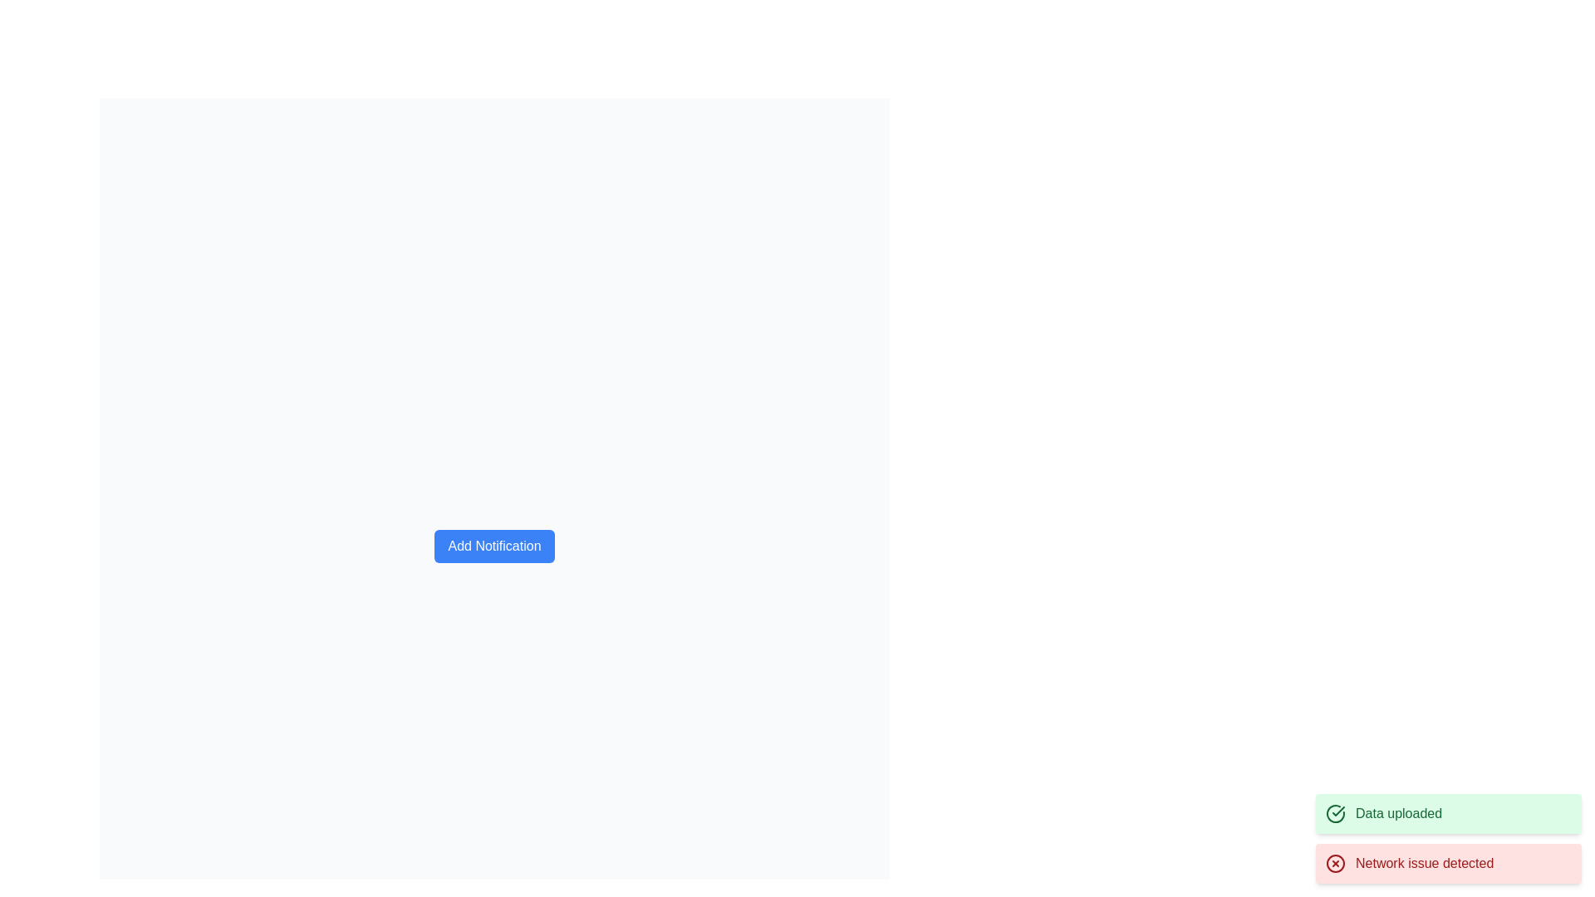 The image size is (1595, 897). What do you see at coordinates (493, 547) in the screenshot?
I see `the button that triggers an action to add a notification, located centrally in the horizontal axis and towards the lower-middle part of the view` at bounding box center [493, 547].